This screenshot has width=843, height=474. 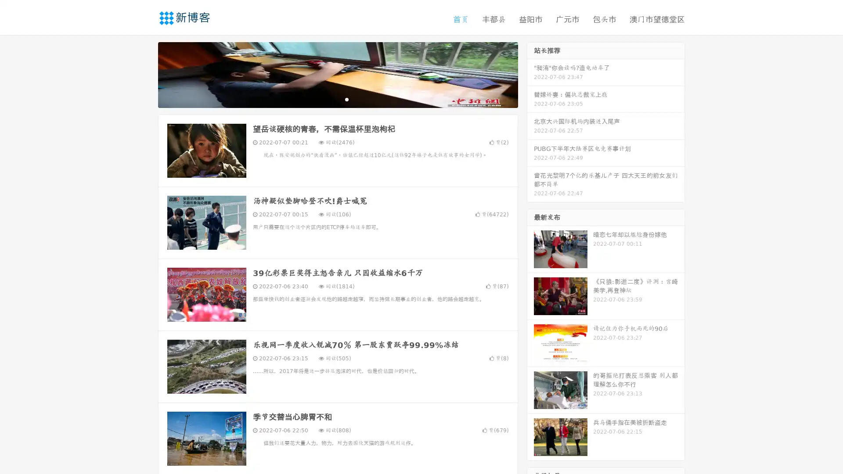 I want to click on Next slide, so click(x=530, y=74).